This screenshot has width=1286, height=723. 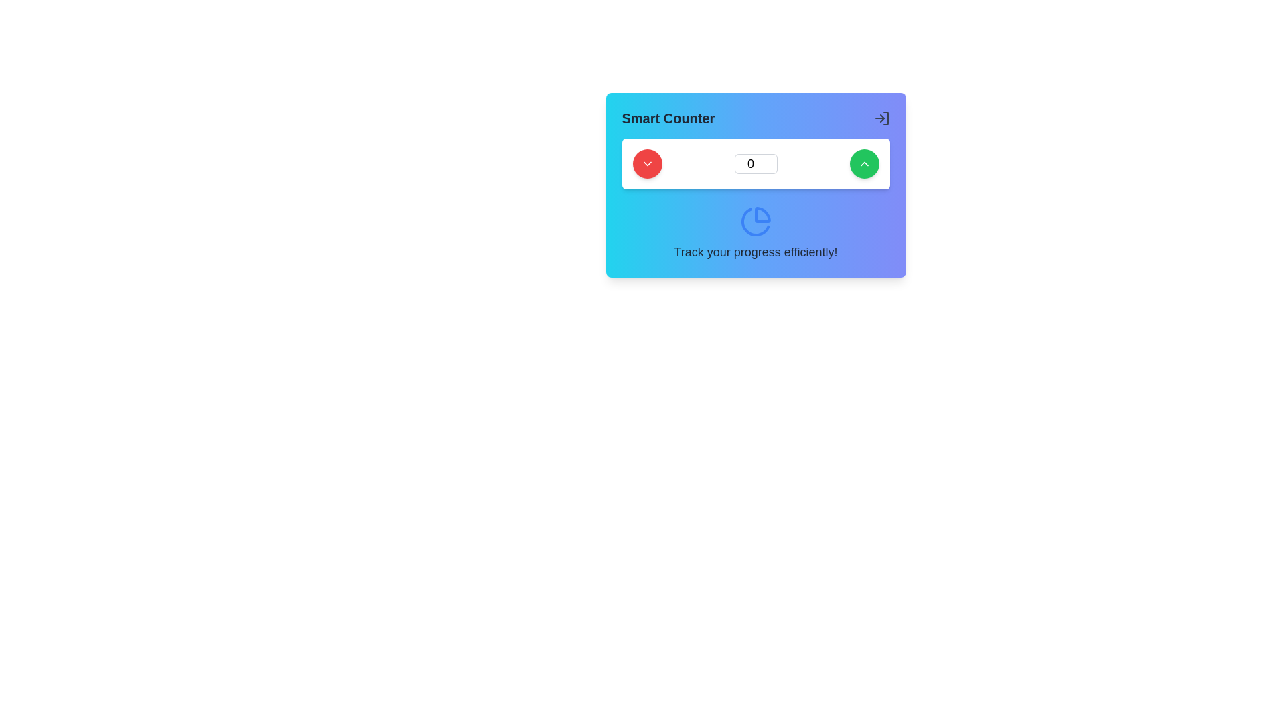 What do you see at coordinates (647, 163) in the screenshot?
I see `the first circular button with a red background and white downwards chevron icon, located before the numeric input` at bounding box center [647, 163].